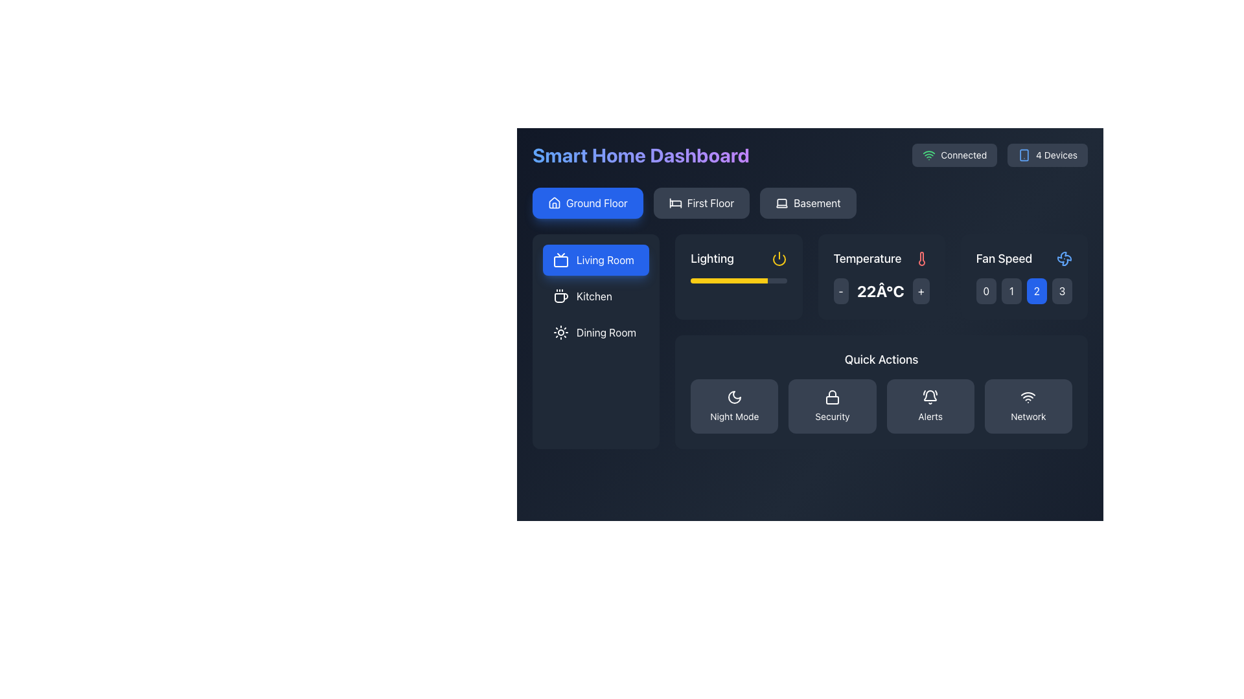 Image resolution: width=1244 pixels, height=699 pixels. What do you see at coordinates (700, 280) in the screenshot?
I see `slider` at bounding box center [700, 280].